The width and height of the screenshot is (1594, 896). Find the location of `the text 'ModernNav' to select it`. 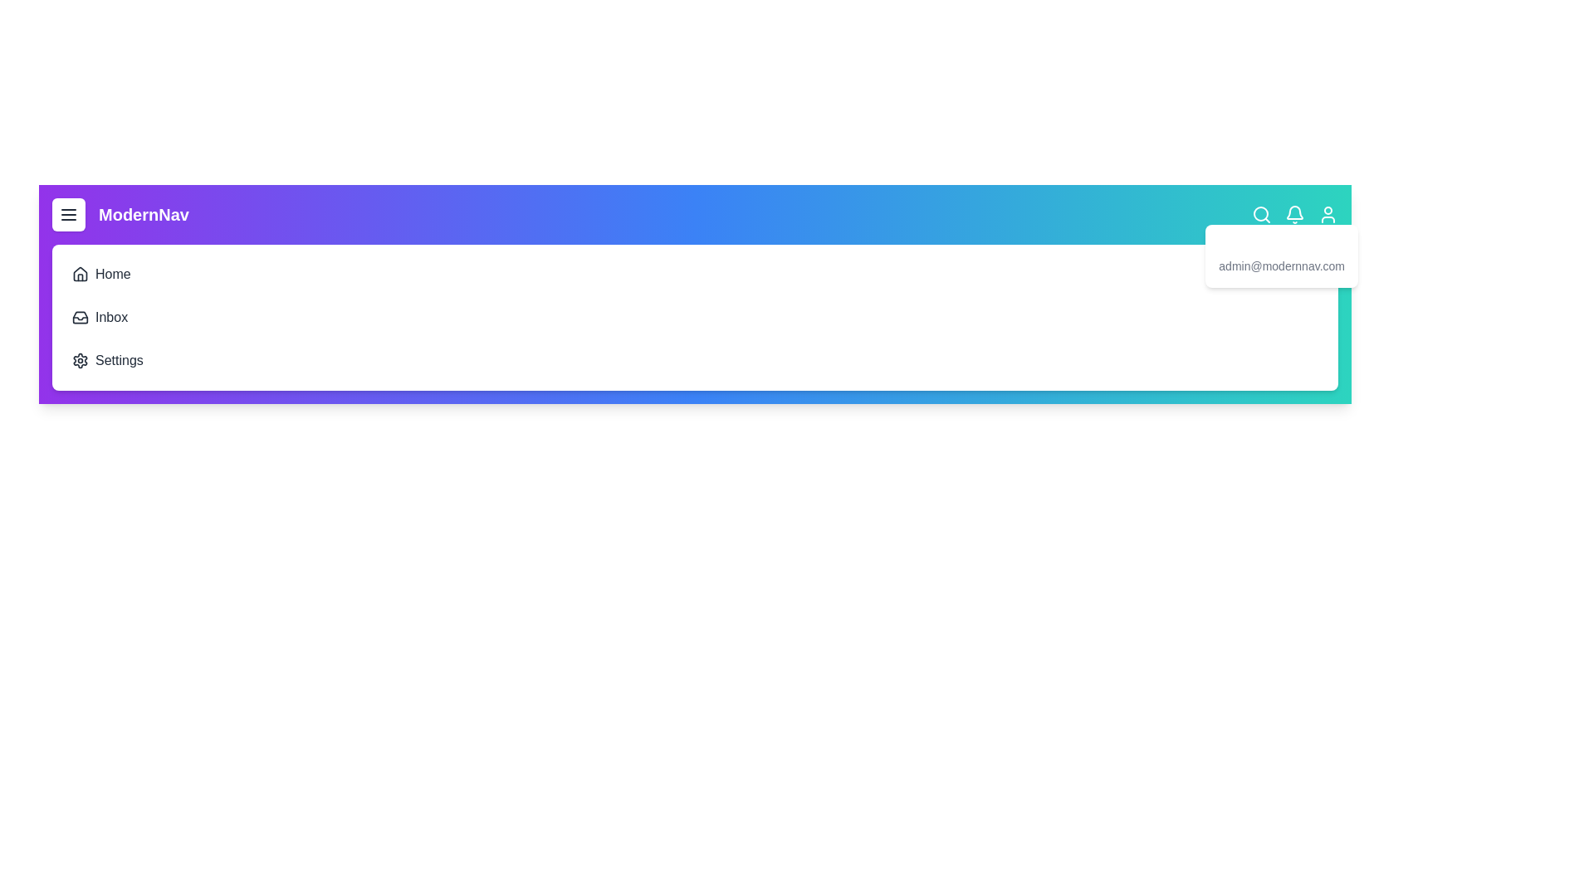

the text 'ModernNav' to select it is located at coordinates (119, 213).